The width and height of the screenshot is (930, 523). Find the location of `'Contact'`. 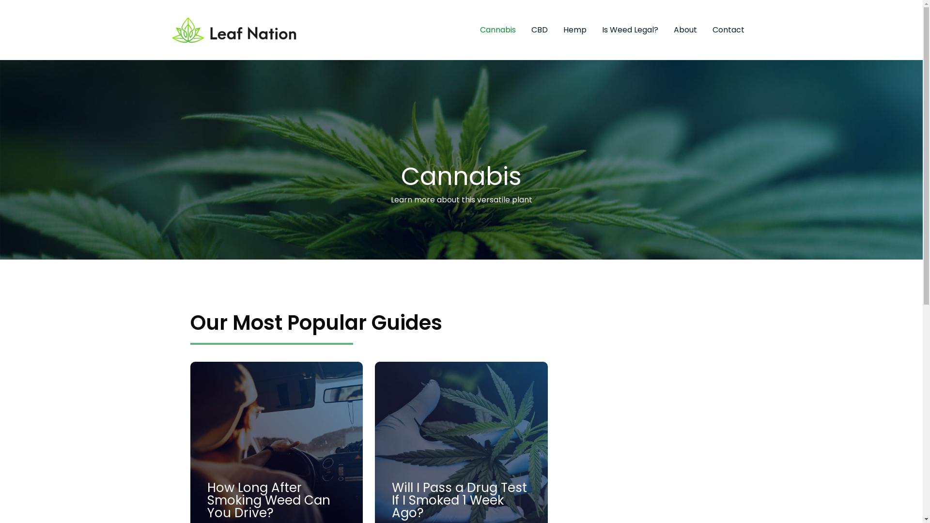

'Contact' is located at coordinates (728, 29).